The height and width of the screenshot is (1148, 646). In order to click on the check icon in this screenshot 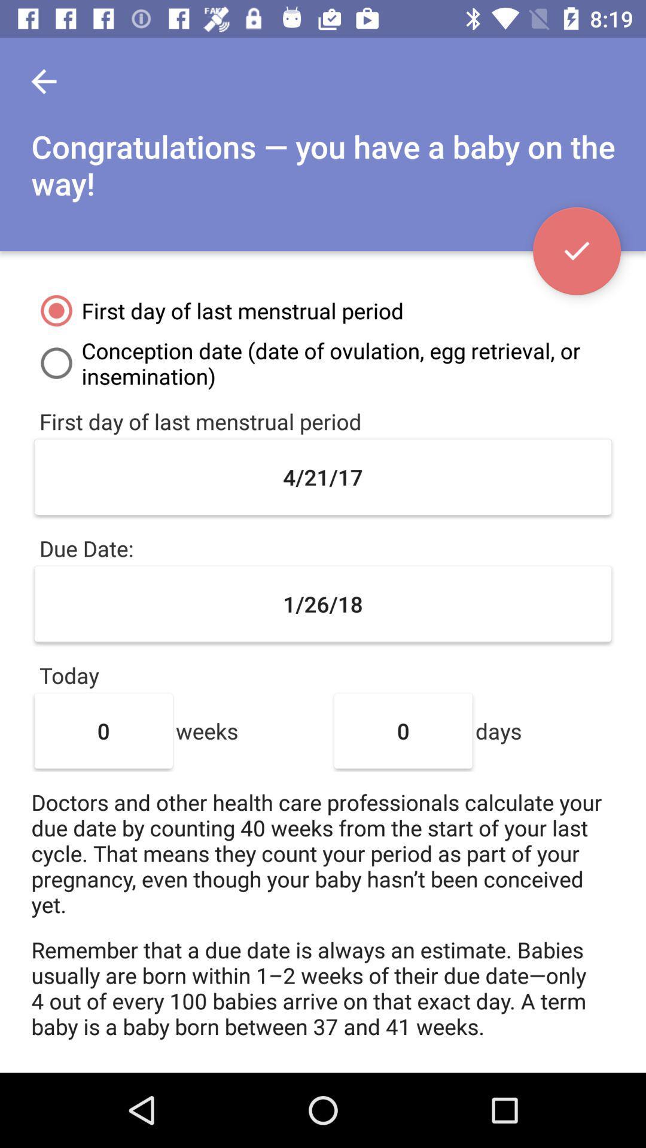, I will do `click(576, 251)`.